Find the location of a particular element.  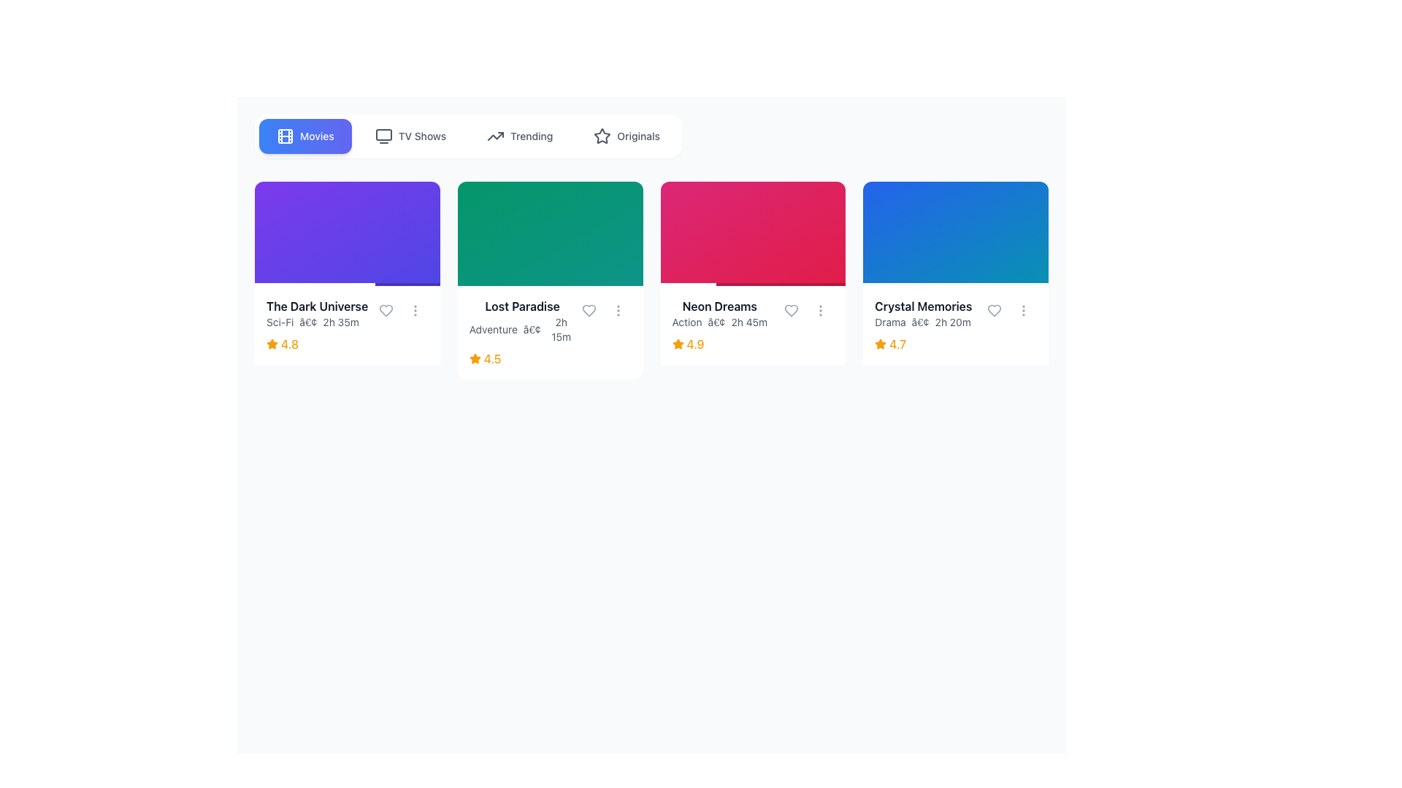

the Trigger Icon (Vertical Ellipsis) located at the bottom-right corner of the 'Lost Paradise' card is located at coordinates (618, 309).